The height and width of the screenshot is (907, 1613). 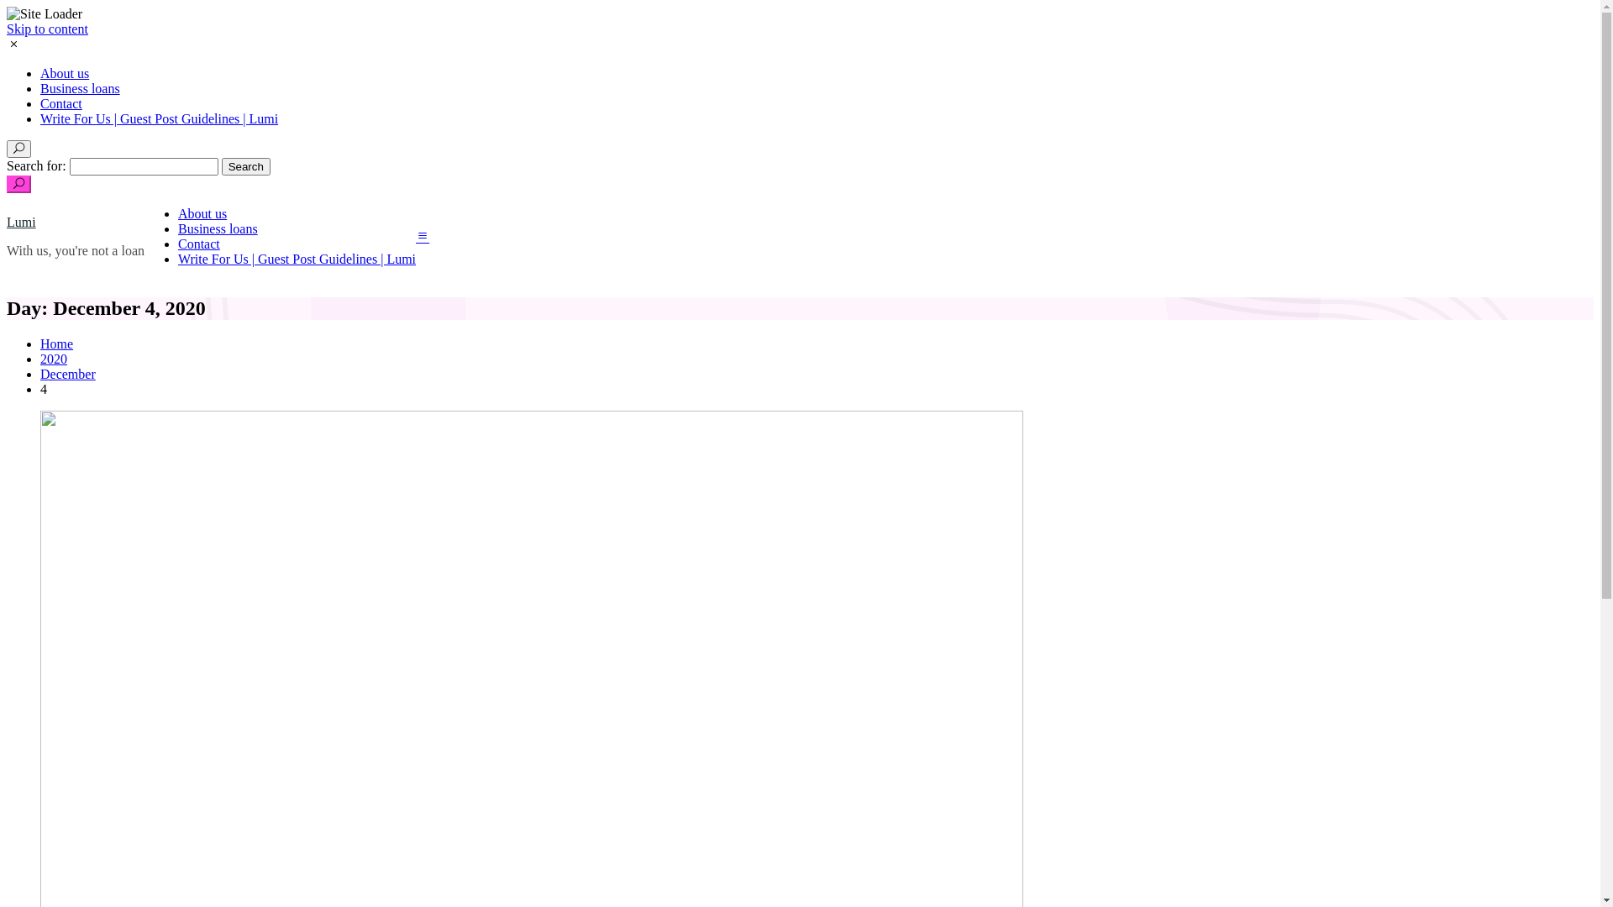 What do you see at coordinates (159, 118) in the screenshot?
I see `'Write For Us | Guest Post Guidelines | Lumi'` at bounding box center [159, 118].